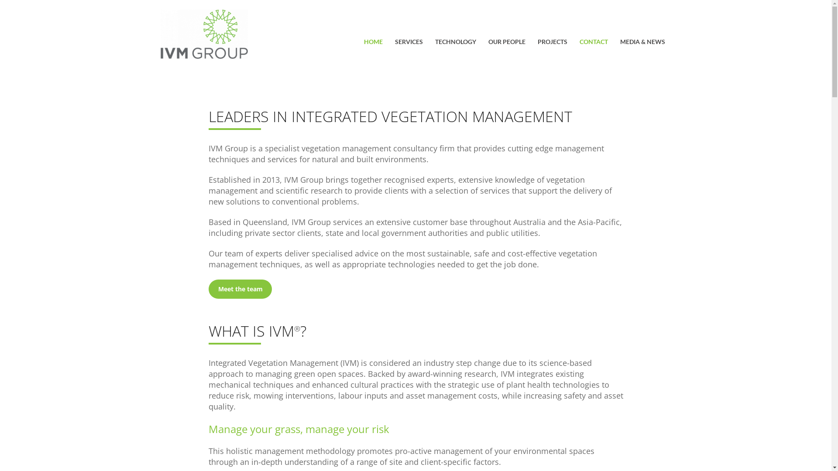 This screenshot has width=838, height=471. I want to click on 'SERVICES', so click(408, 43).